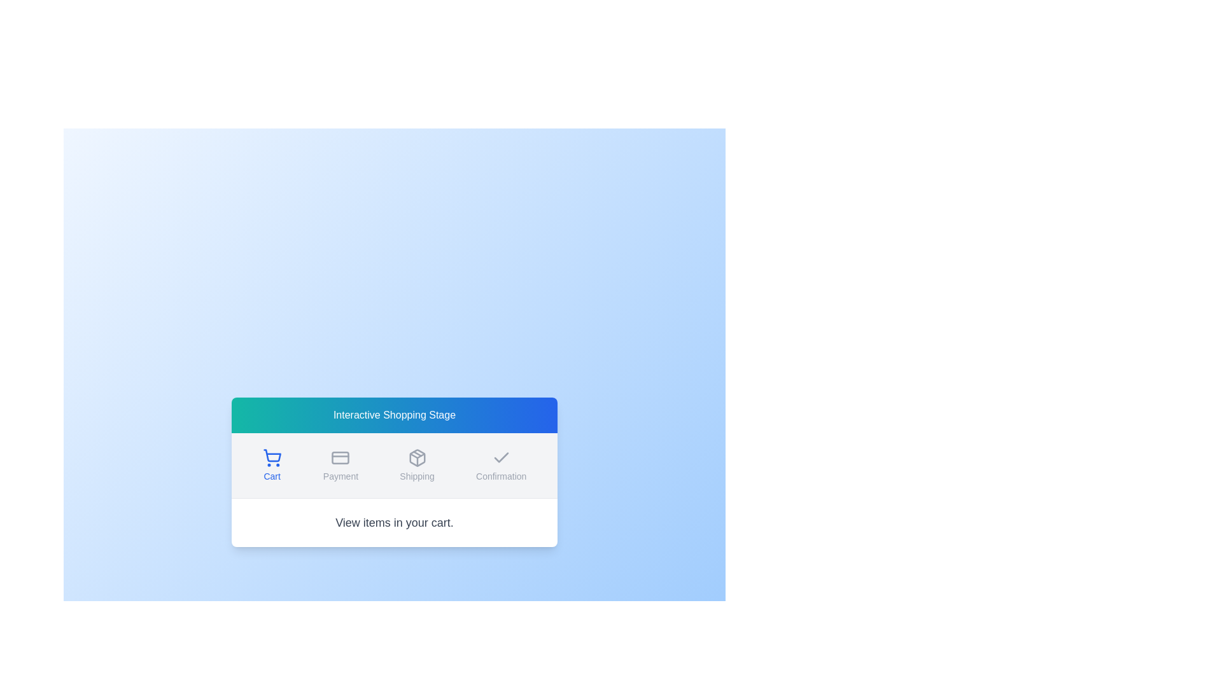  I want to click on the informative prompt text label located at the bottom of the card layout, which directs the user, so click(393, 522).